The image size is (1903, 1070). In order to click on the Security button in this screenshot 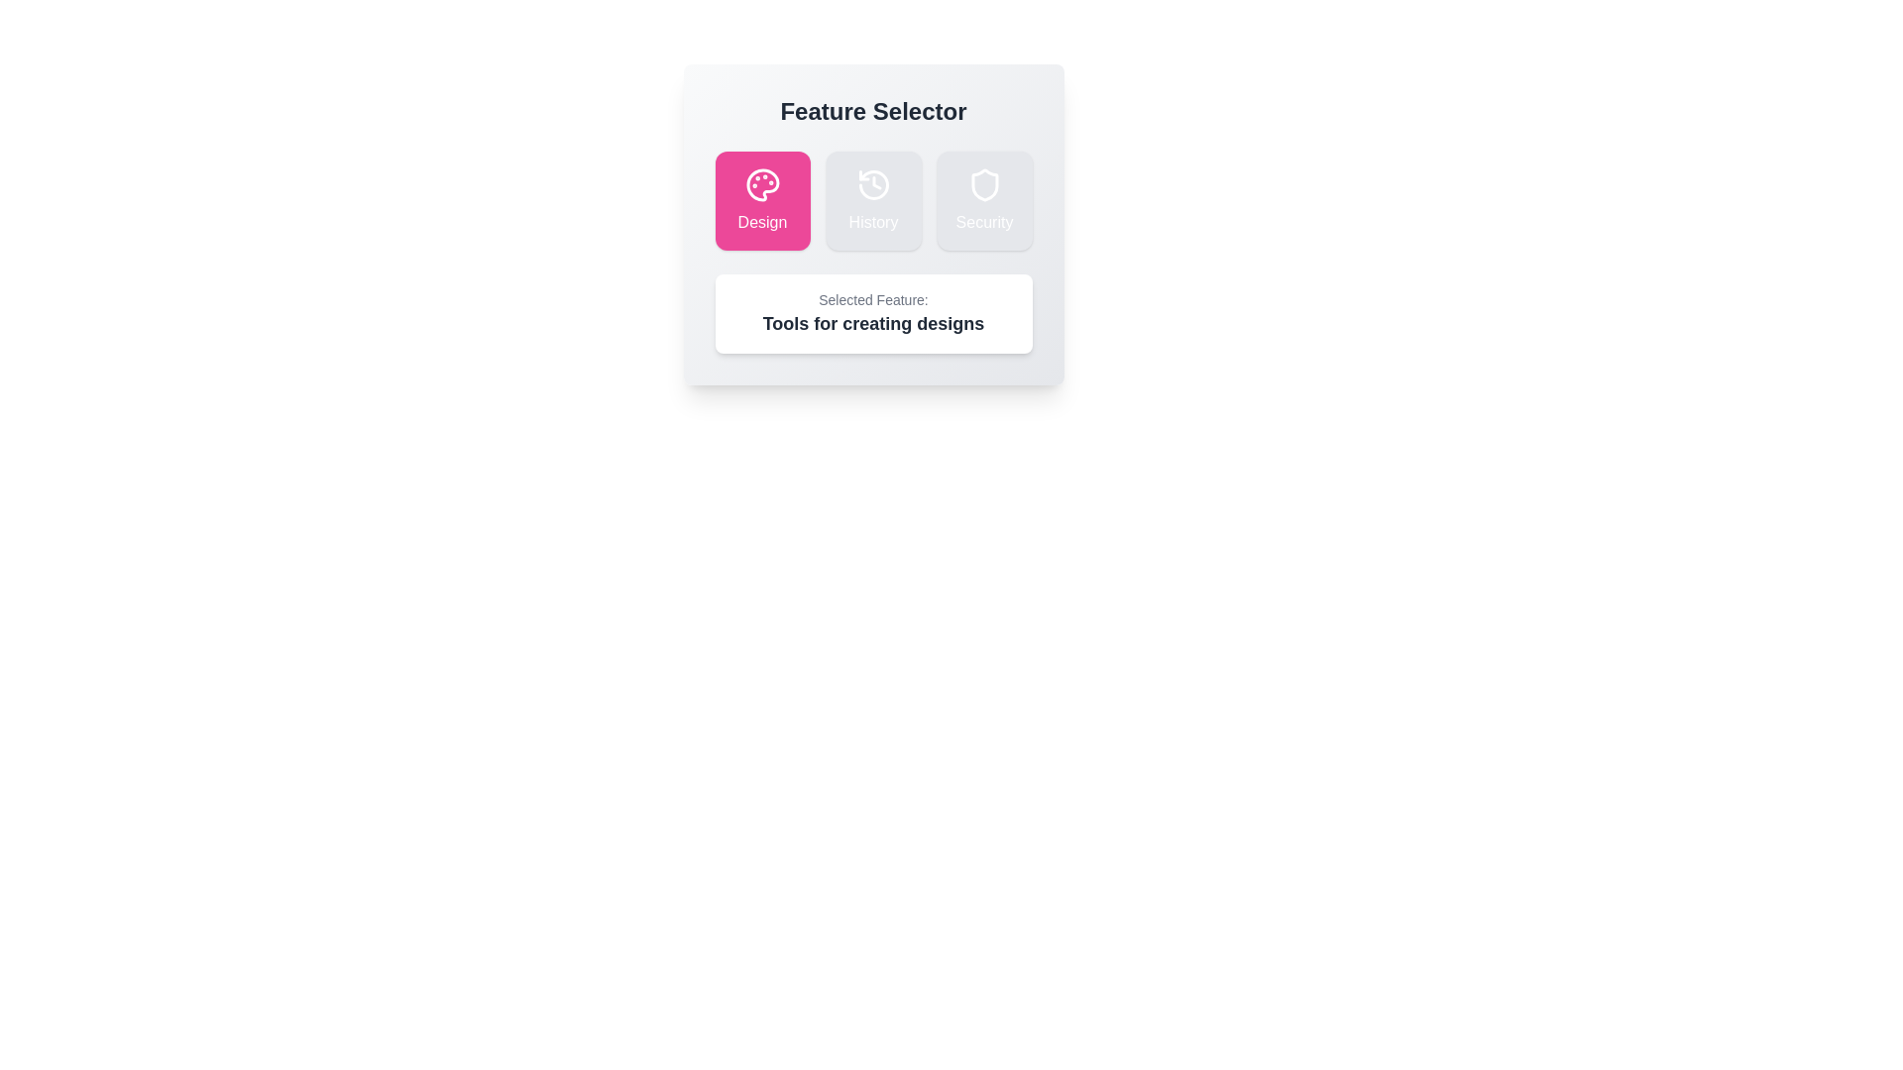, I will do `click(984, 201)`.